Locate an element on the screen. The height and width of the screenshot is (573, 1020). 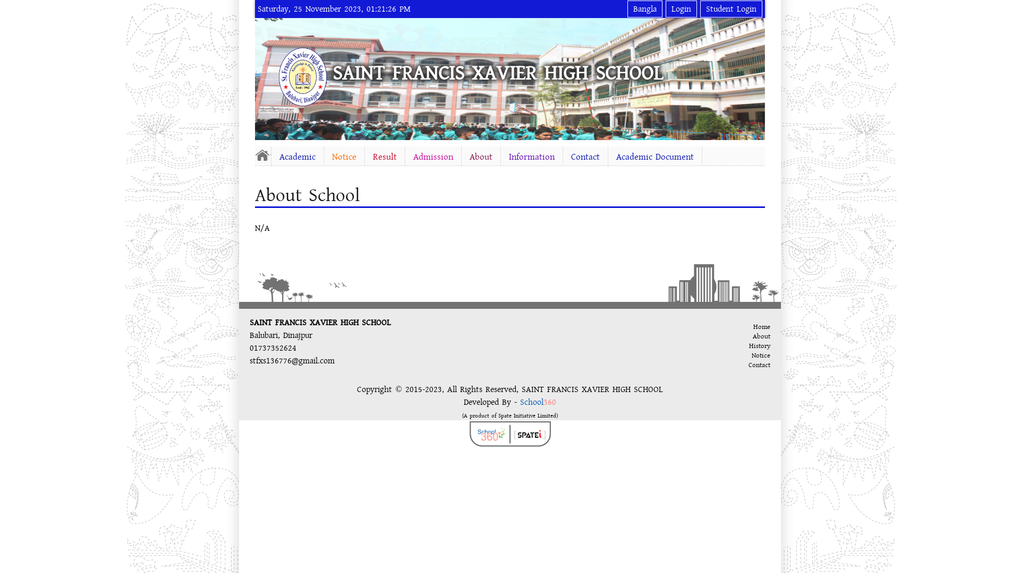
'Login' is located at coordinates (681, 8).